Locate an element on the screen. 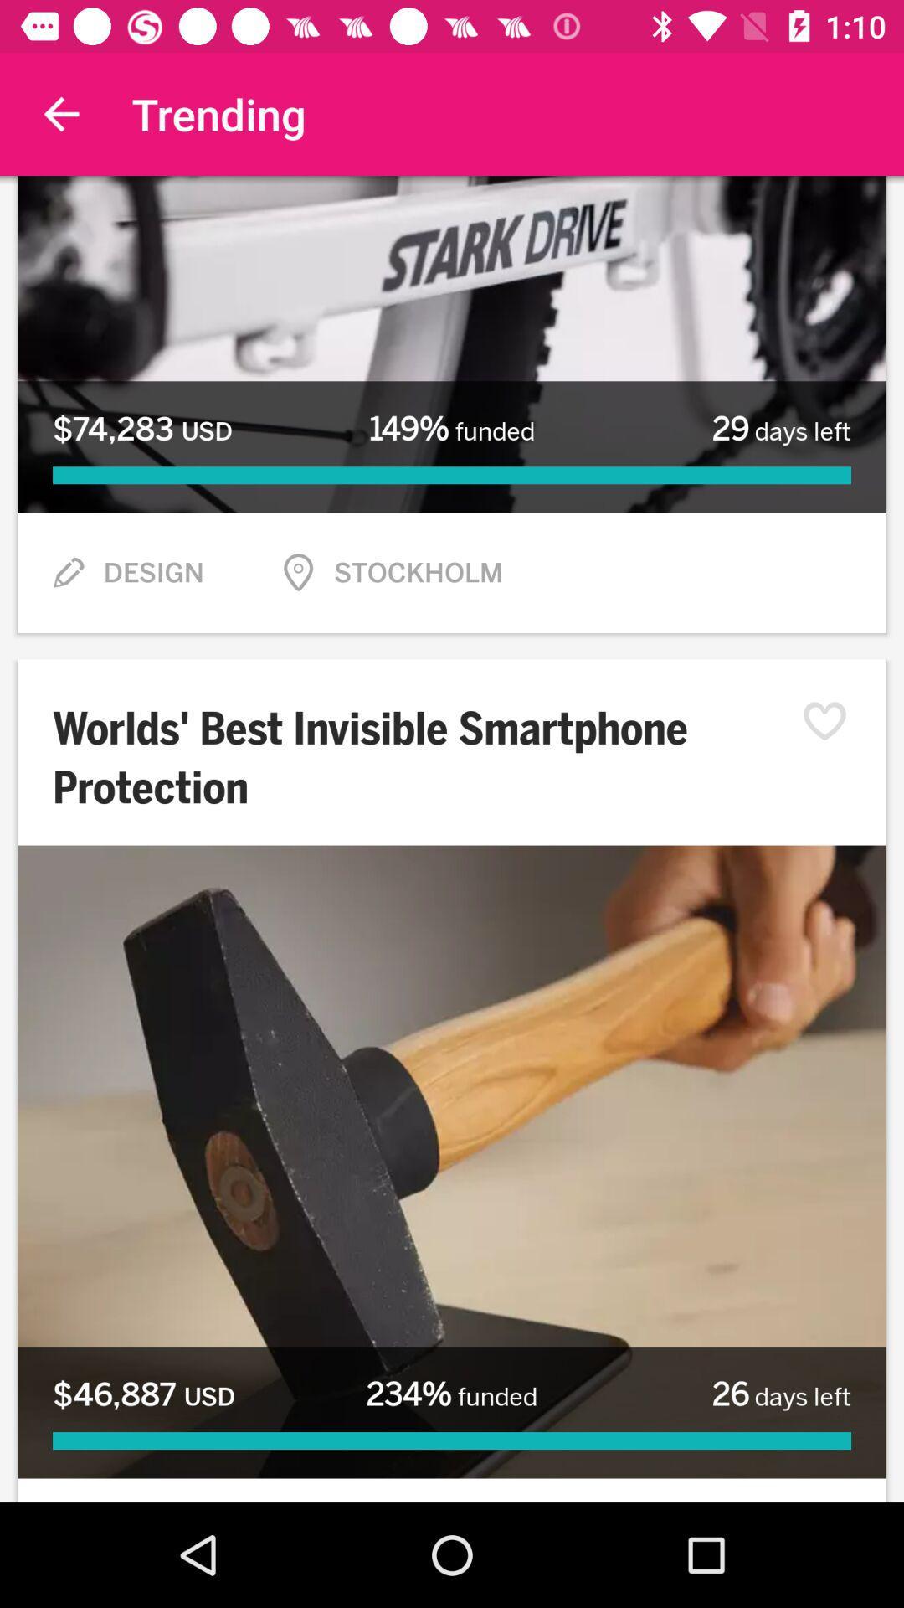  icon at the bottom left corner is located at coordinates (142, 1394).